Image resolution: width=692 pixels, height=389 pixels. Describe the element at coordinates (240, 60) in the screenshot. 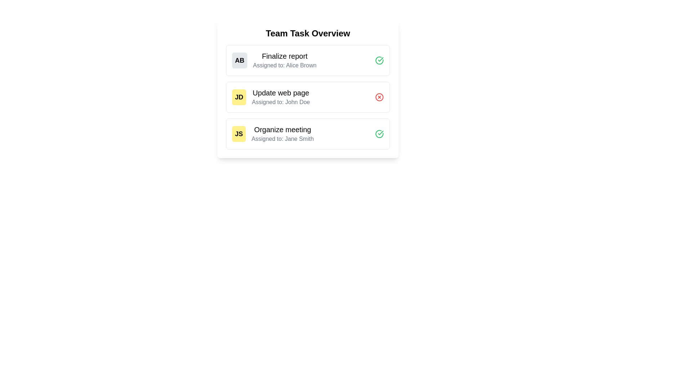

I see `the avatar badge representing Alice Brown, which is the first element in the uppermost task section of the vertical list` at that location.